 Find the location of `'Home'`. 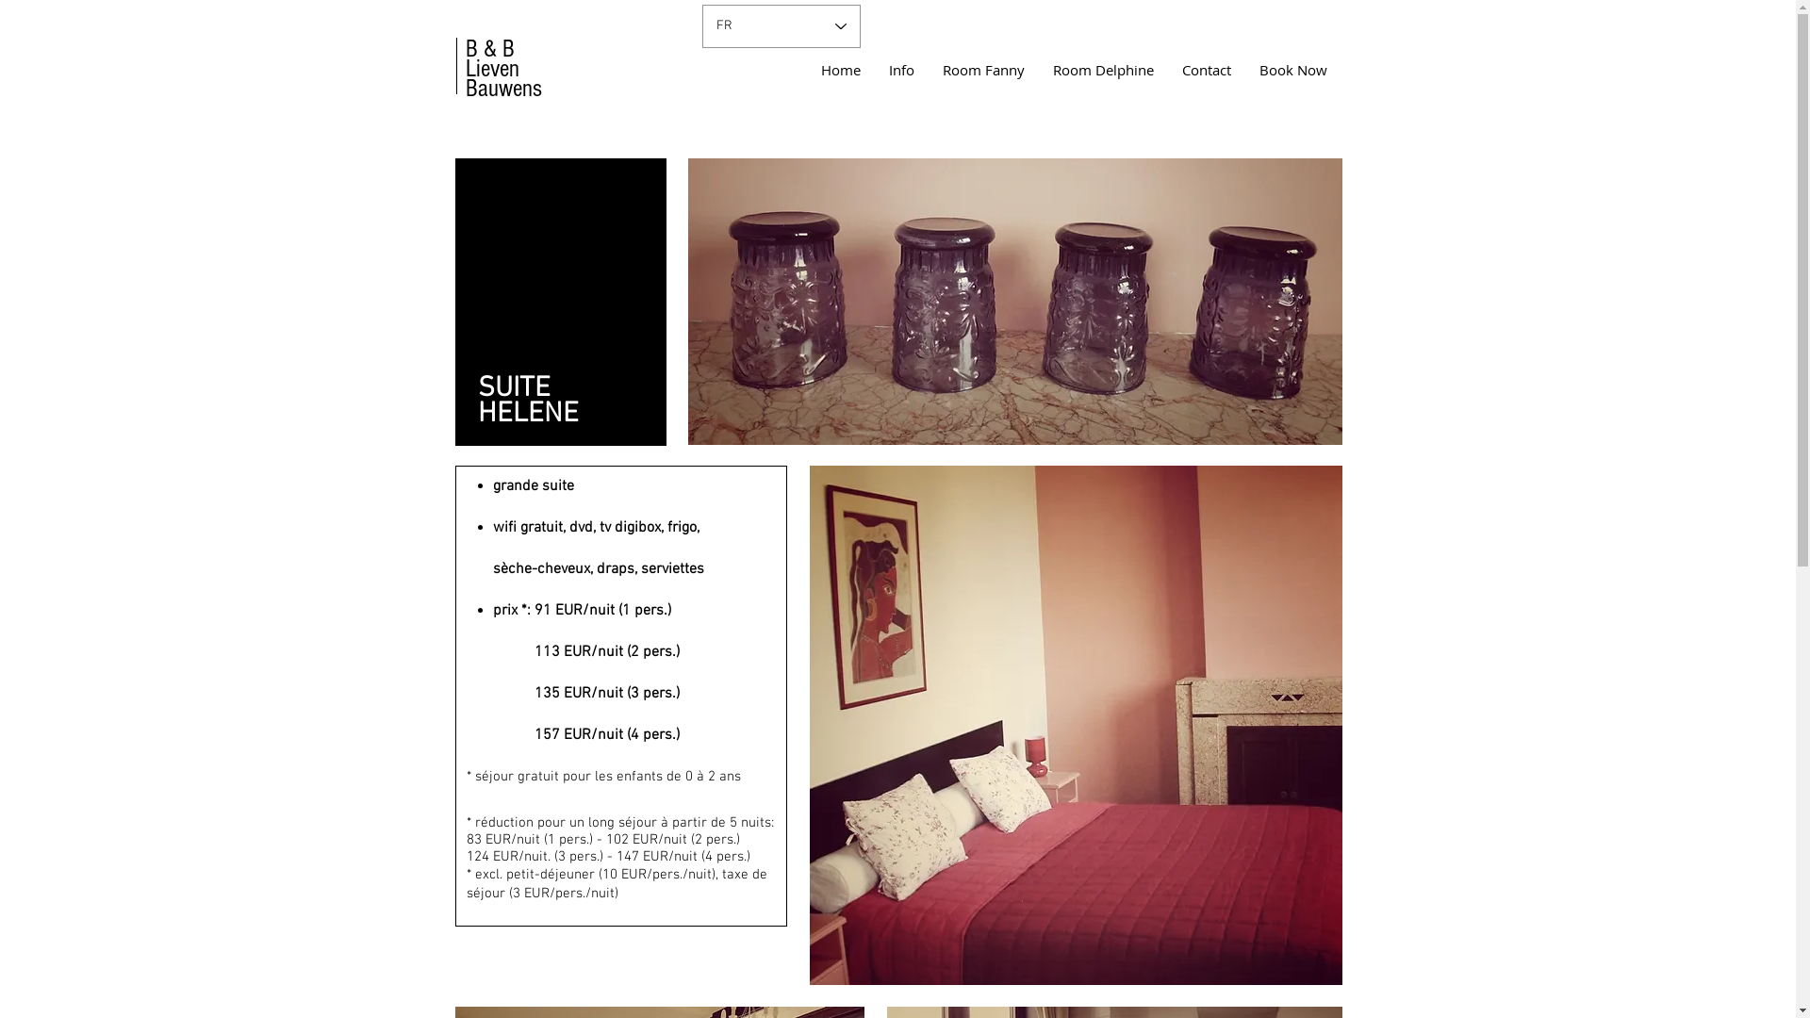

'Home' is located at coordinates (840, 68).